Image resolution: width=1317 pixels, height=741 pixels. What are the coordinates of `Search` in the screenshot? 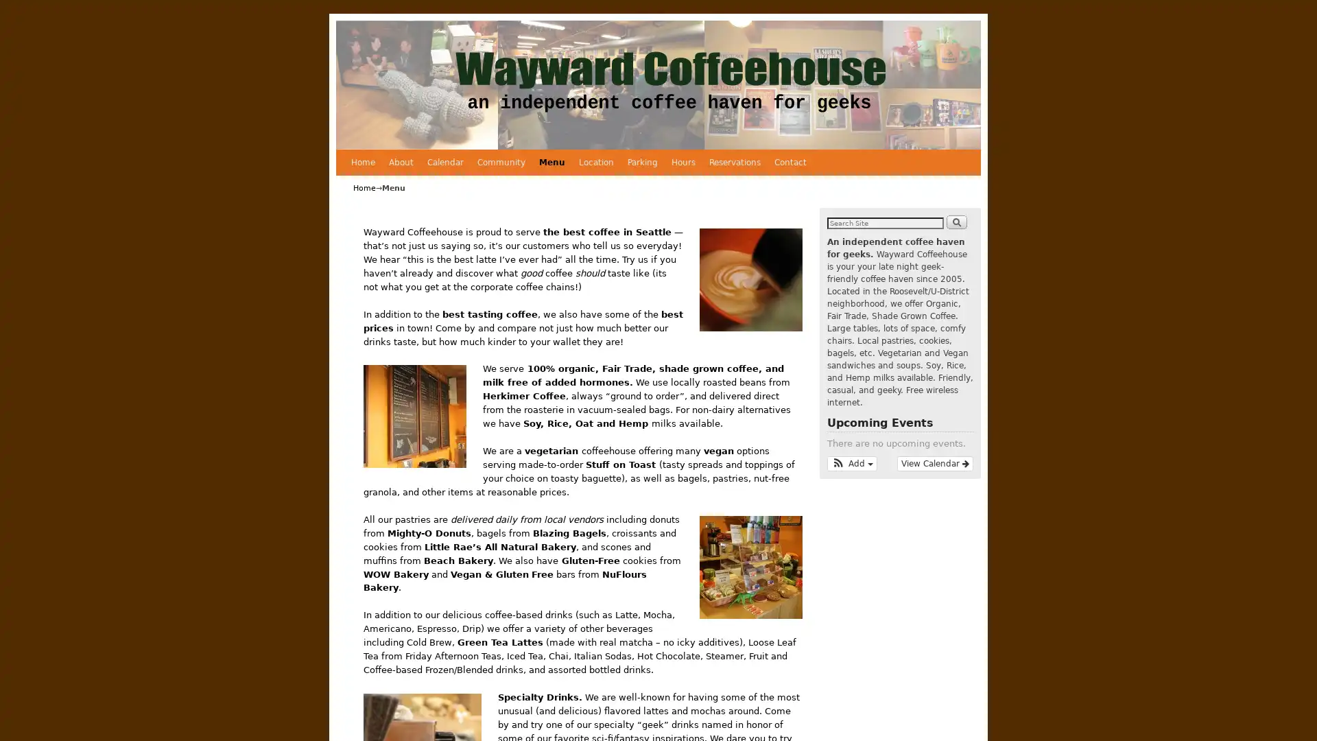 It's located at (956, 221).